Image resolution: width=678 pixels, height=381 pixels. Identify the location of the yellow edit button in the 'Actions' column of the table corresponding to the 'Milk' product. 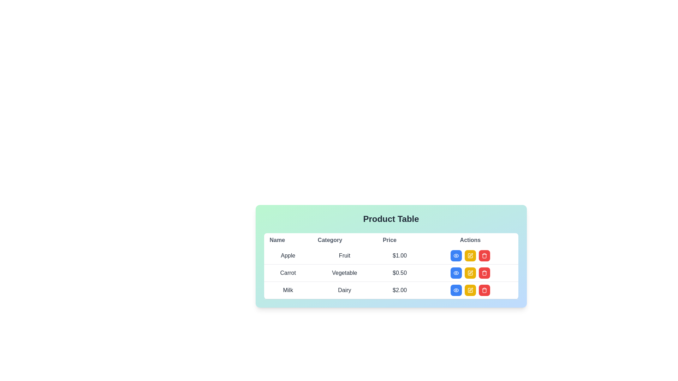
(470, 273).